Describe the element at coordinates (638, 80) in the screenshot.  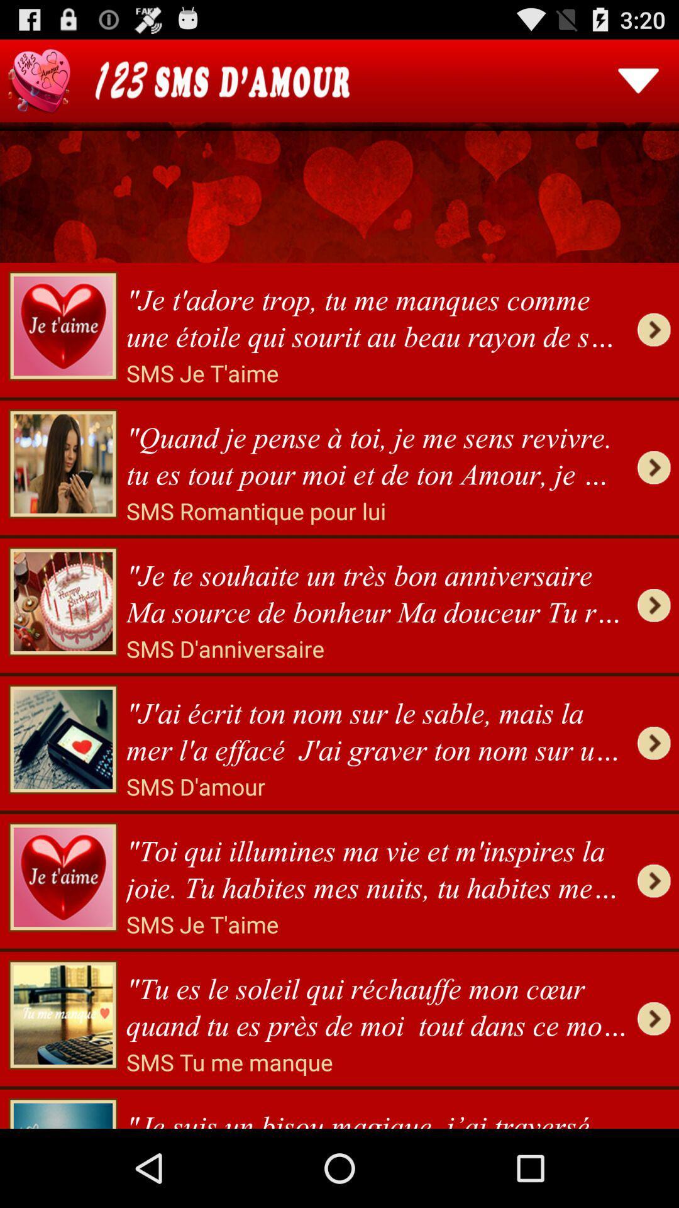
I see `this button menu selection` at that location.